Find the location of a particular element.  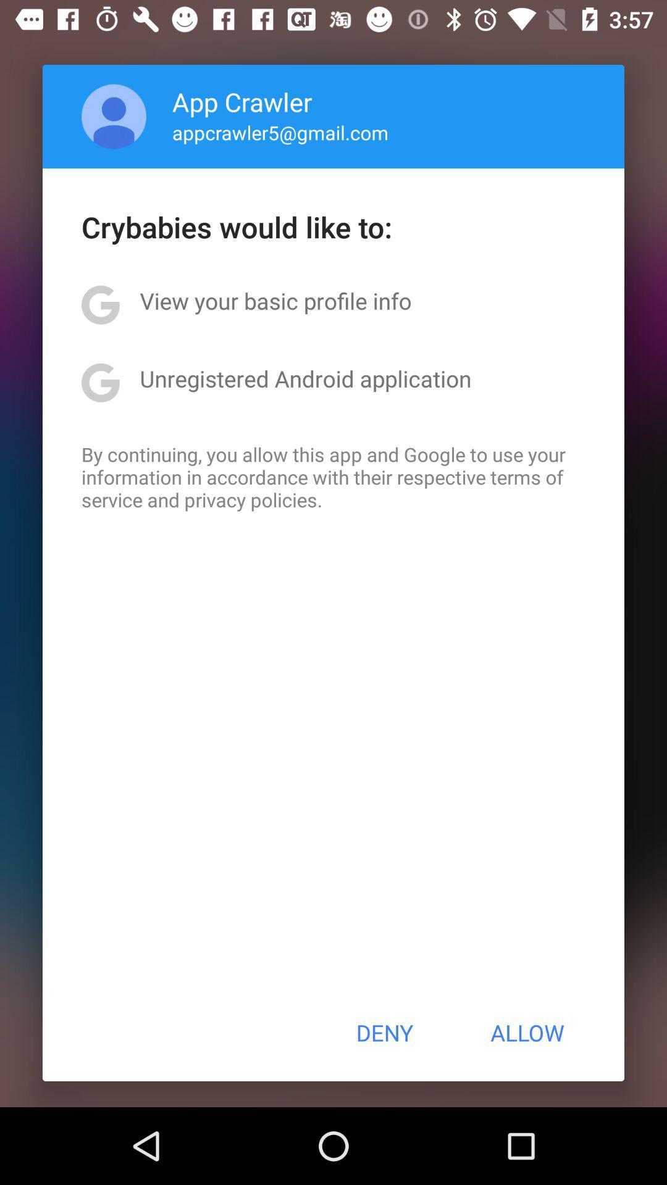

app above appcrawler5@gmail.com is located at coordinates (242, 101).